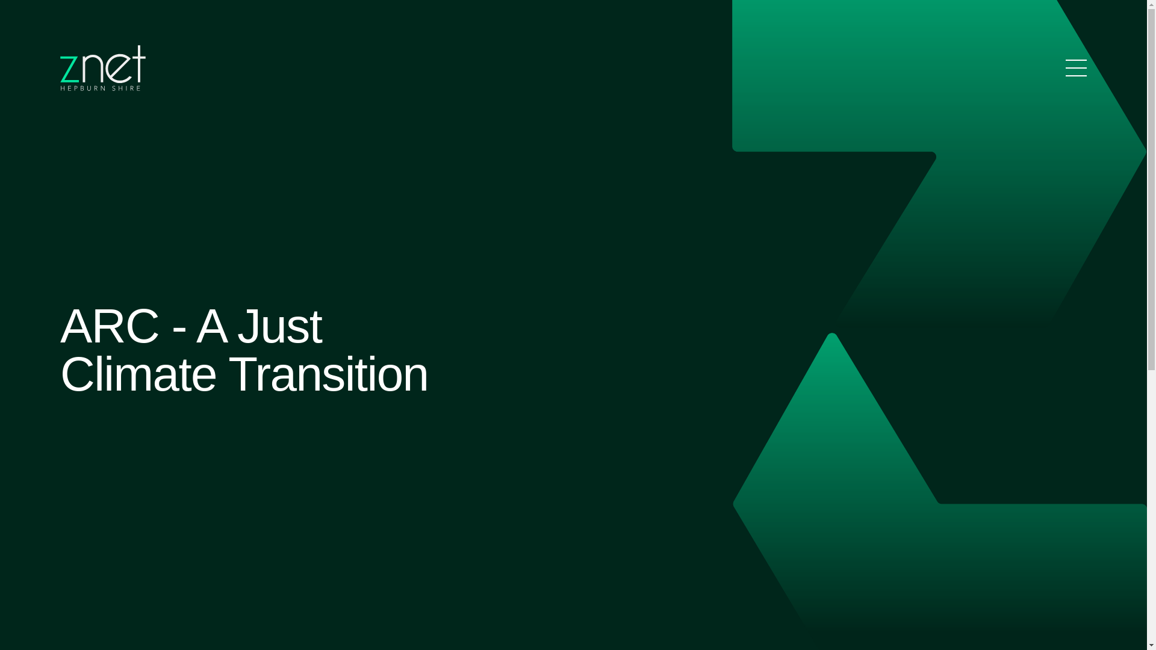 Image resolution: width=1156 pixels, height=650 pixels. Describe the element at coordinates (103, 67) in the screenshot. I see `'Z-Net'` at that location.